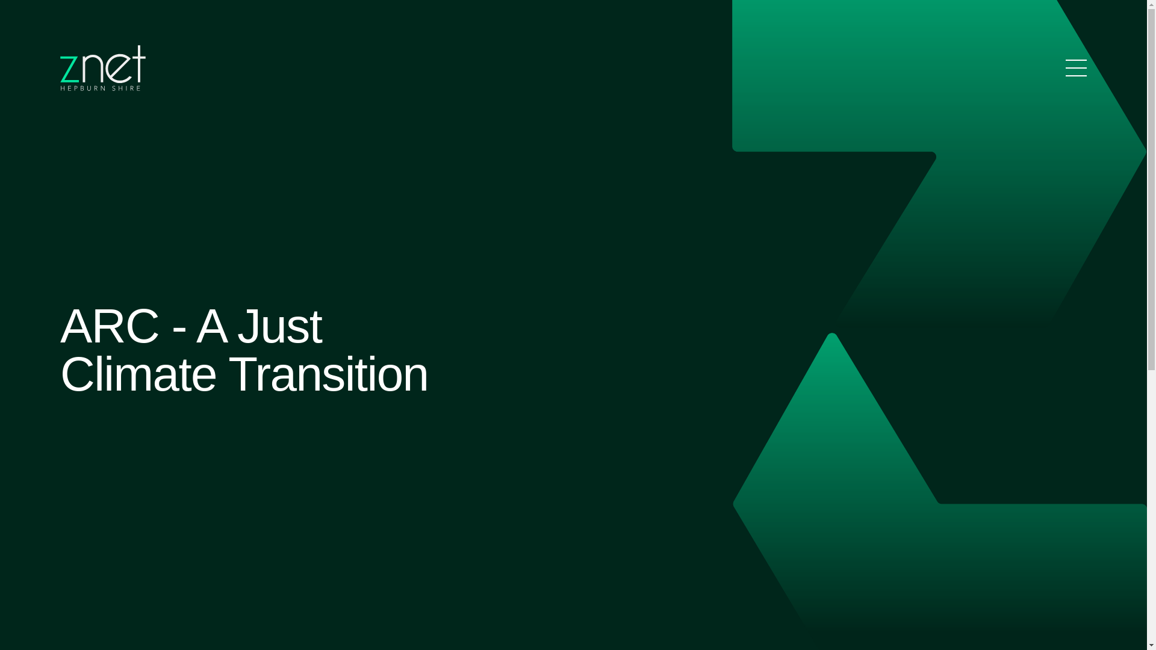 Image resolution: width=1156 pixels, height=650 pixels. Describe the element at coordinates (103, 67) in the screenshot. I see `'Z-Net'` at that location.